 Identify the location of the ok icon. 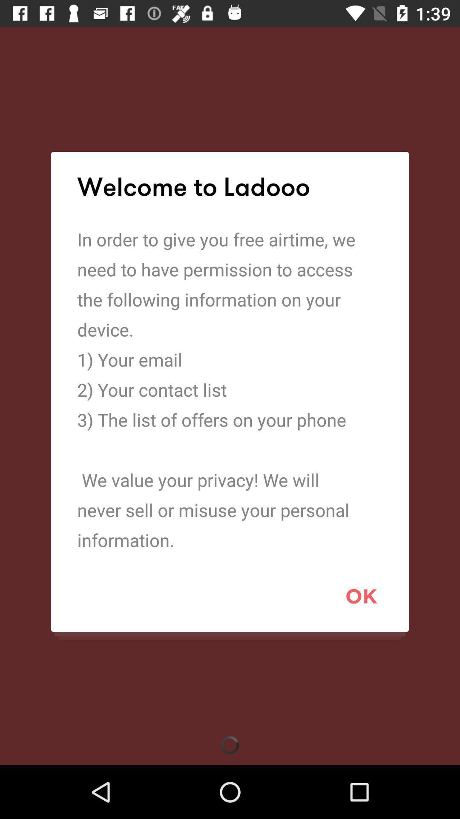
(361, 595).